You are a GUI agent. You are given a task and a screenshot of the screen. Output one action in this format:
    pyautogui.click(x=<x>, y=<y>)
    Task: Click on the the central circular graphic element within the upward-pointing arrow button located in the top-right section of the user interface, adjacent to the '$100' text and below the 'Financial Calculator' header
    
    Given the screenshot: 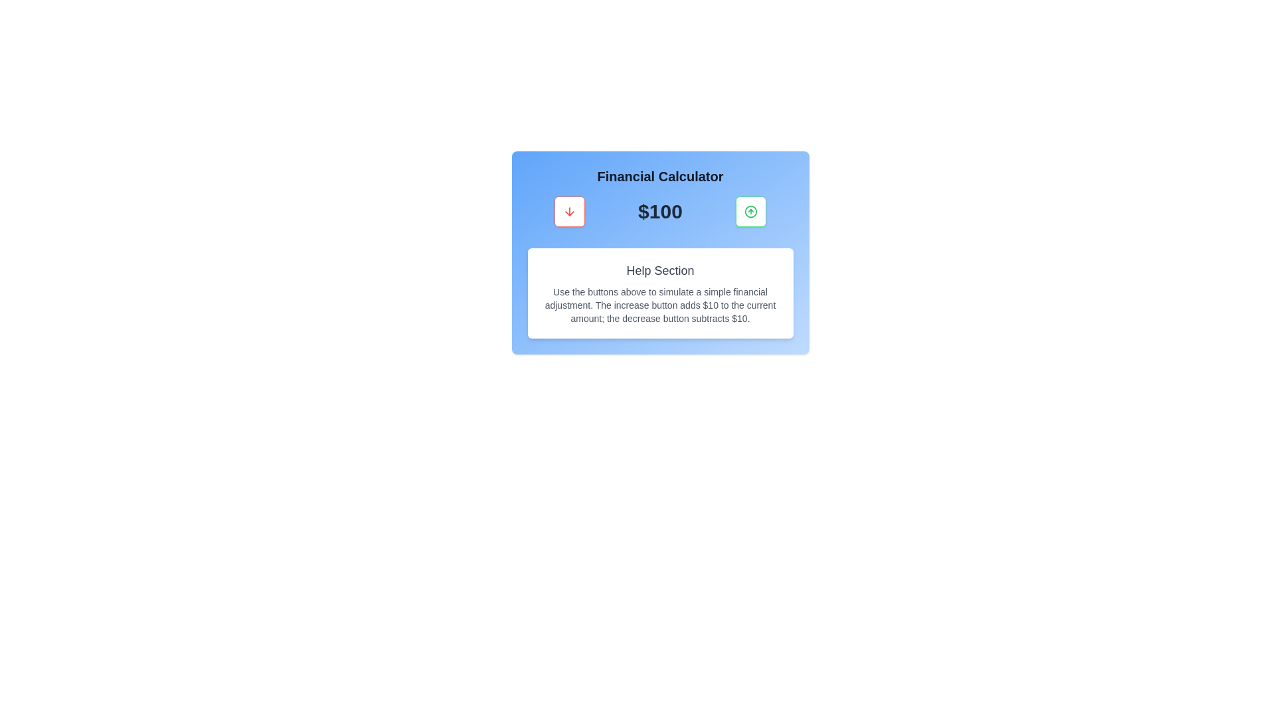 What is the action you would take?
    pyautogui.click(x=751, y=211)
    